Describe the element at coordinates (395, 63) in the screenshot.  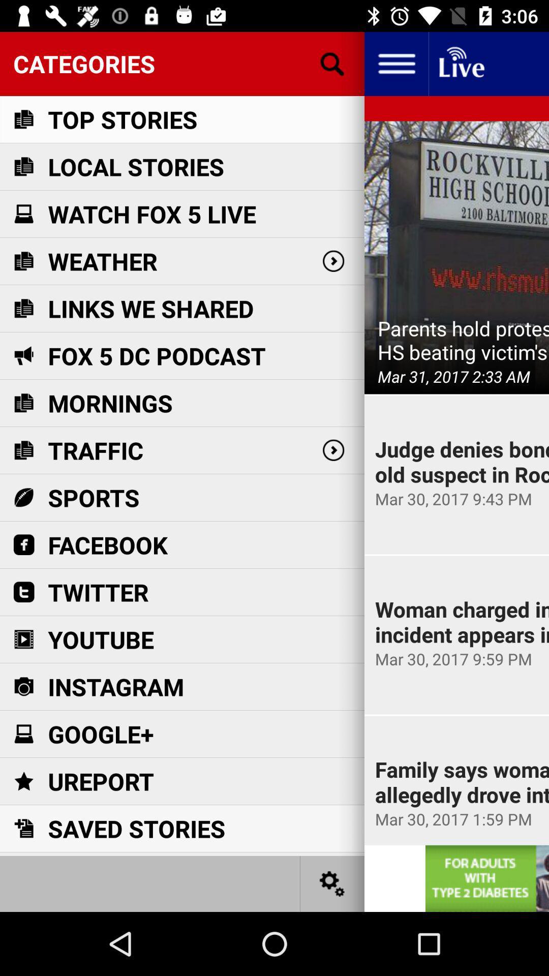
I see `sidebar` at that location.